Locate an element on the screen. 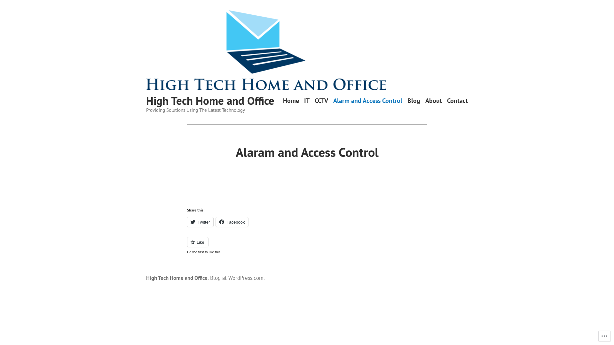  'Blog' is located at coordinates (414, 101).